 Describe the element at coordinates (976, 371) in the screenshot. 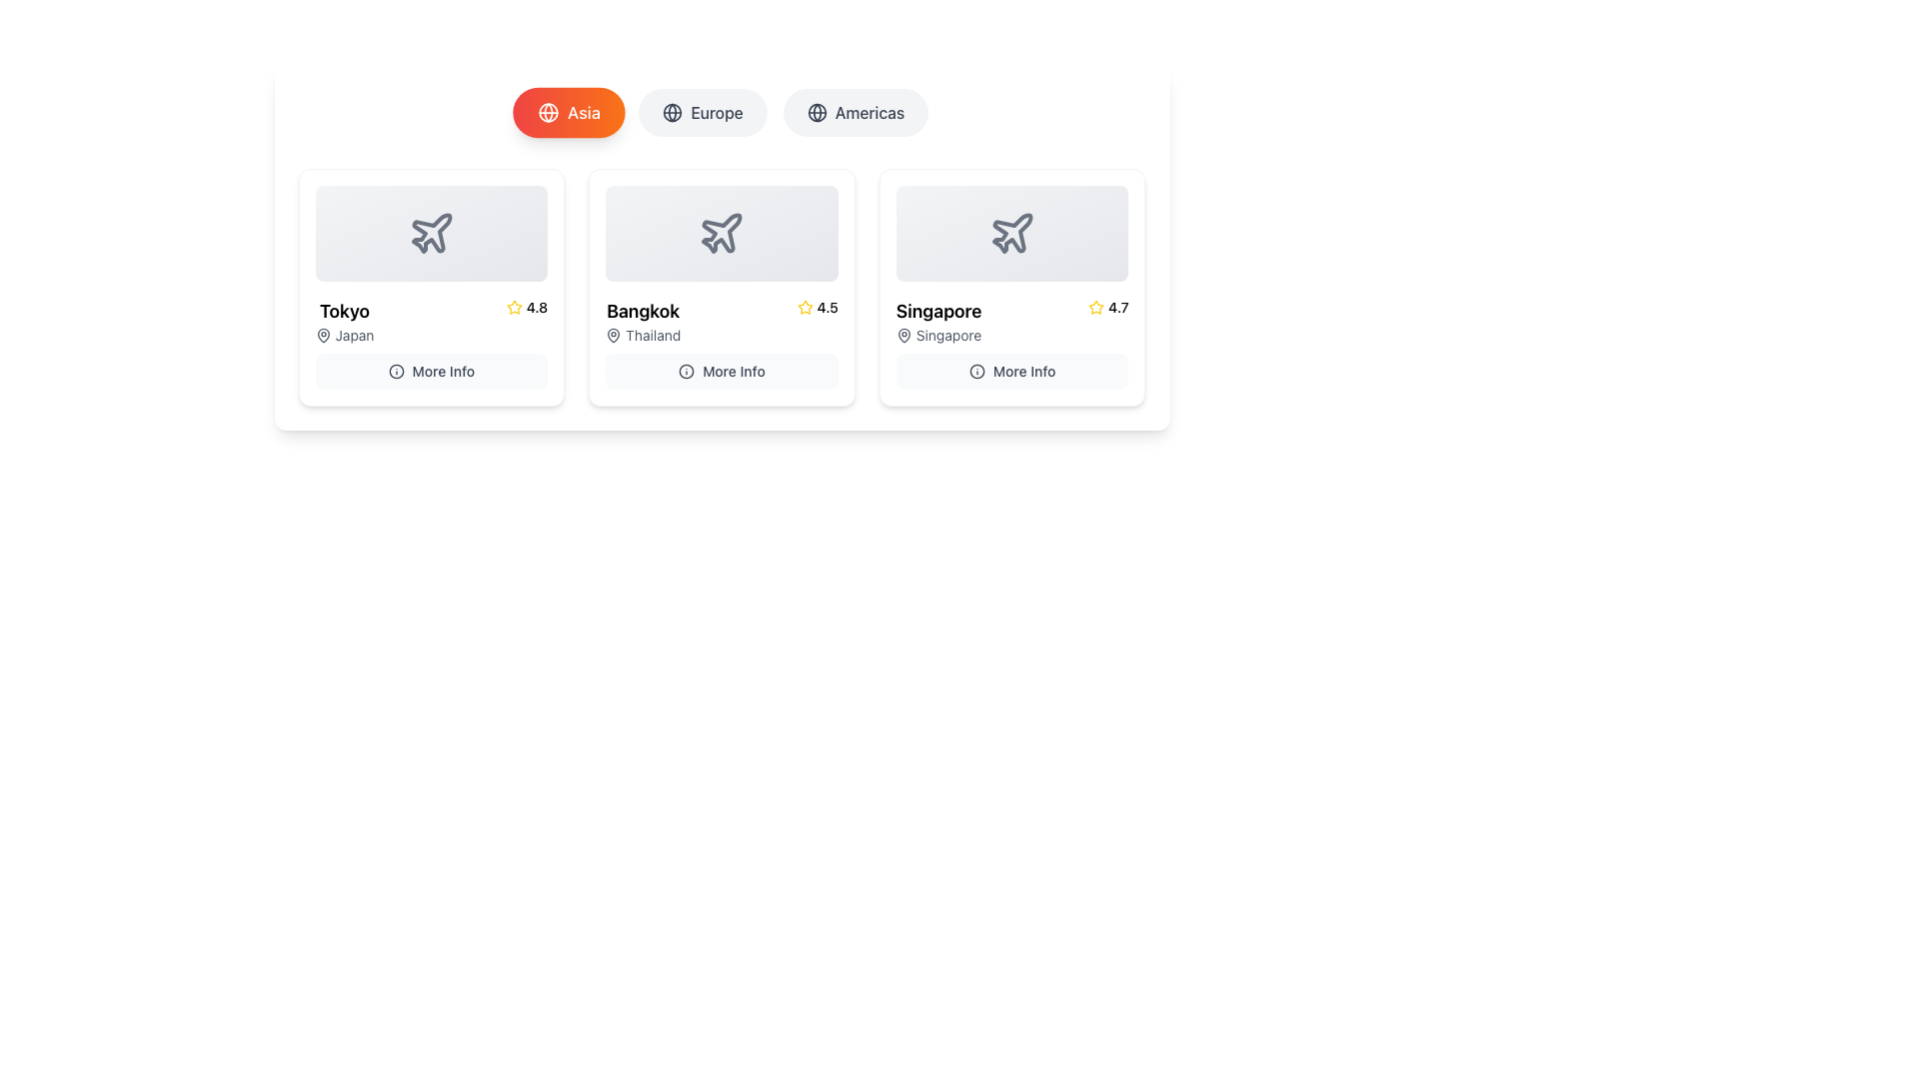

I see `the 'info' icon element that indicates additional details or information in the user interface` at that location.